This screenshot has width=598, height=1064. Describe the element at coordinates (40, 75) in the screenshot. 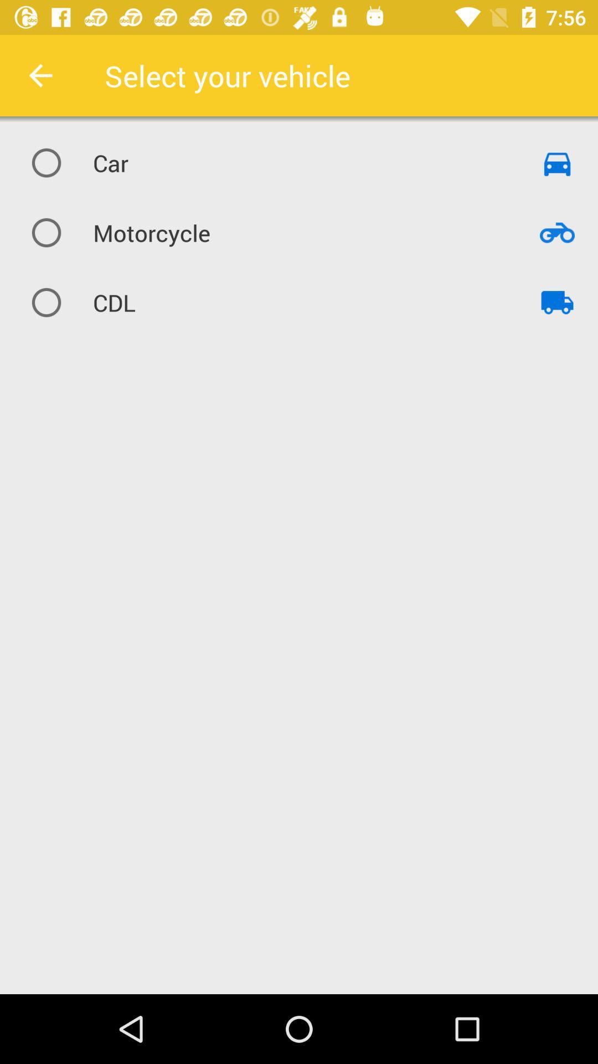

I see `item next to the select your vehicle icon` at that location.